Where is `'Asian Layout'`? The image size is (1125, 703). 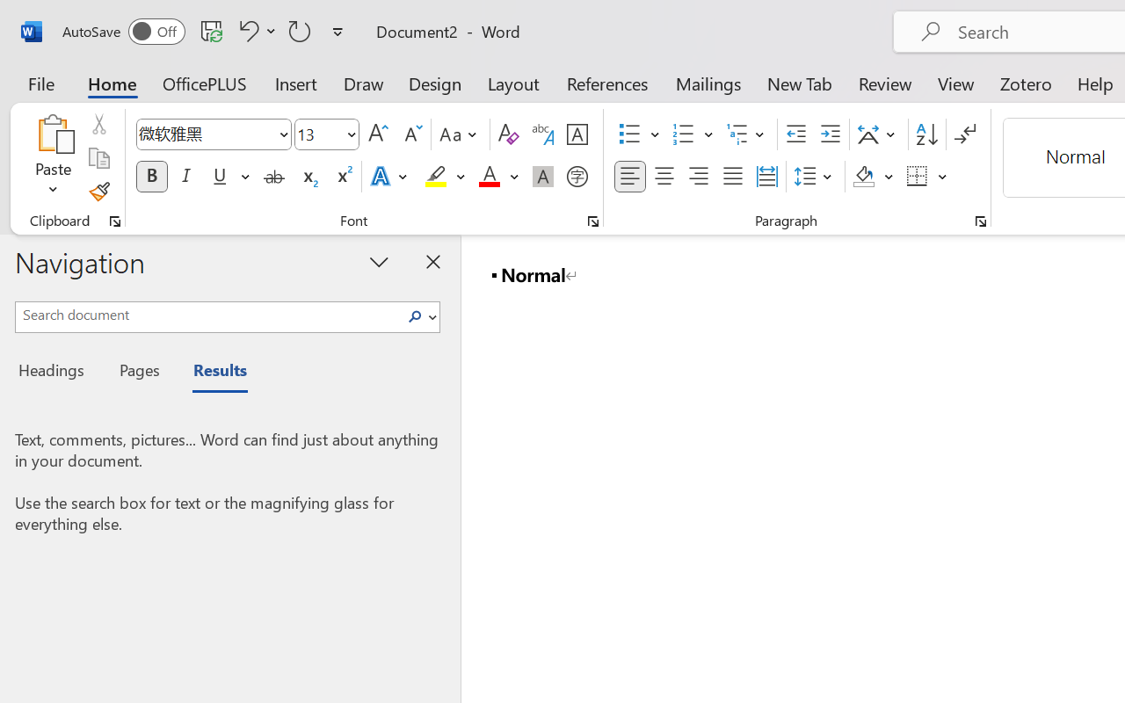 'Asian Layout' is located at coordinates (879, 134).